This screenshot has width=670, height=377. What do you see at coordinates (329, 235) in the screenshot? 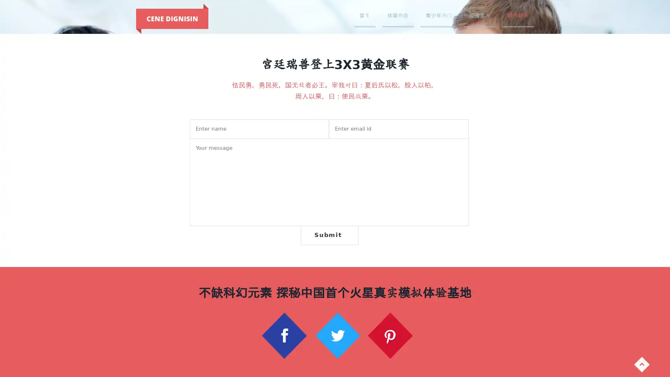
I see `Submit` at bounding box center [329, 235].